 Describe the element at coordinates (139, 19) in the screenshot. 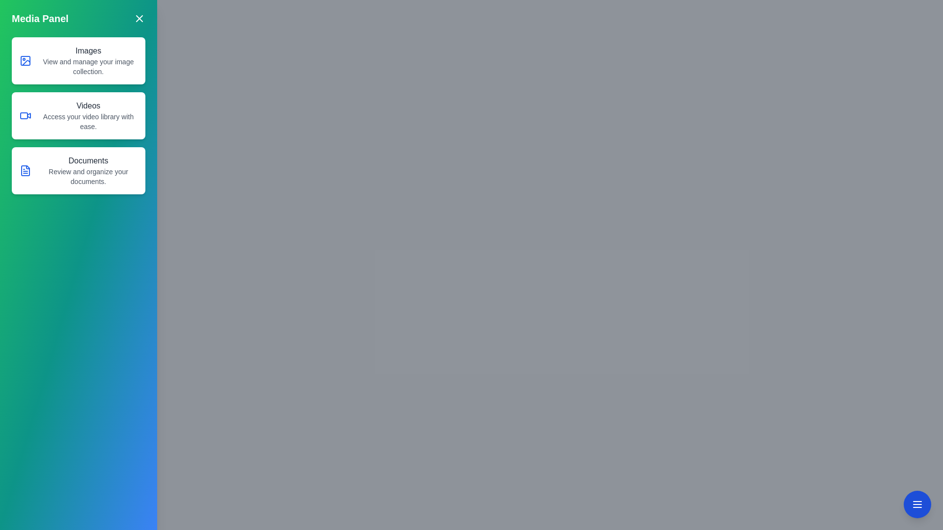

I see `the Close/Clear icon located in the top-right corner of the green 'Media Panel'` at that location.